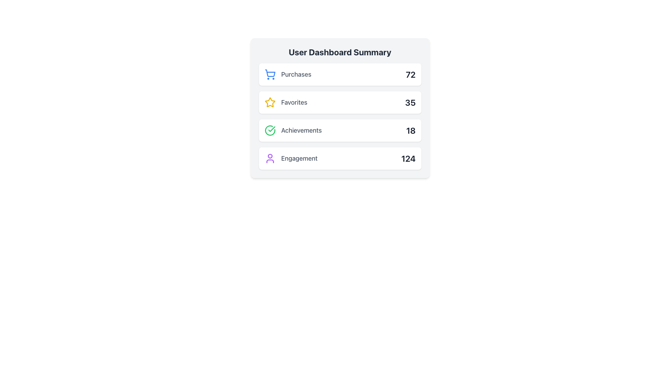 The height and width of the screenshot is (378, 672). I want to click on the text displaying the number '72', which is styled in bold and dark gray, located next to the 'Purchases' text in the 'User Dashboard Summary' panel, so click(411, 74).